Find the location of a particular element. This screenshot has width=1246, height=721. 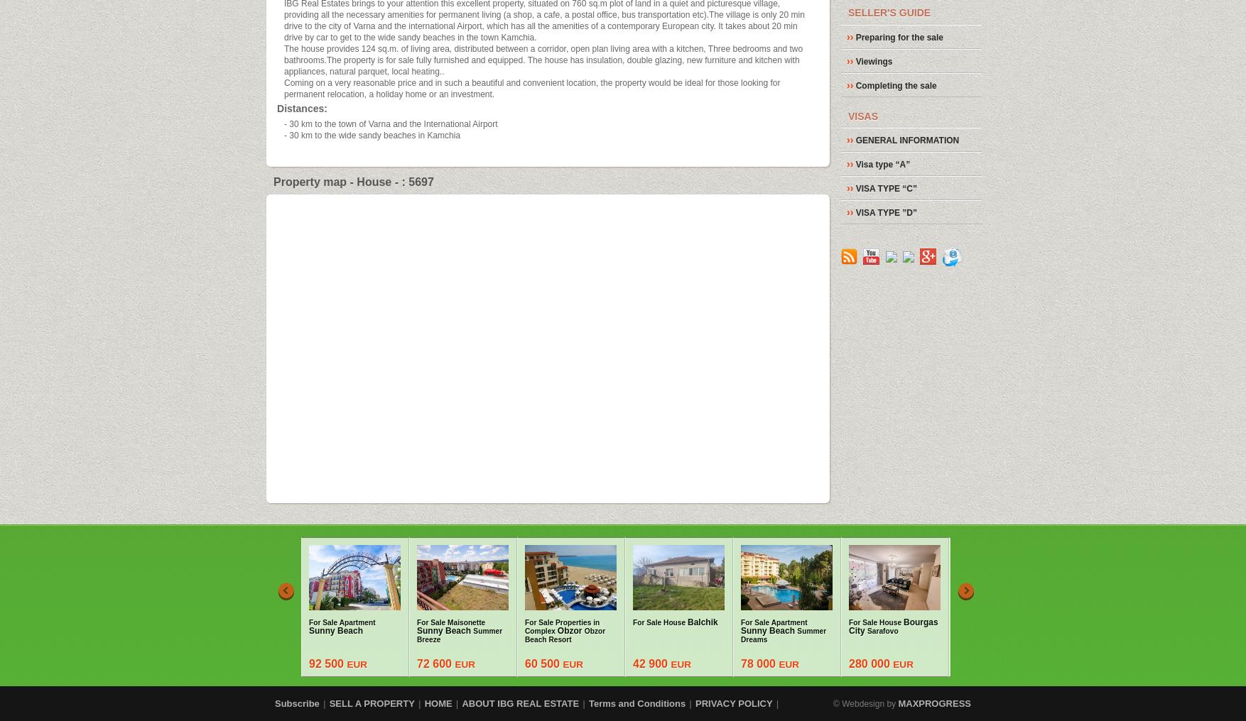

'Sveti Vlas' is located at coordinates (1001, 626).